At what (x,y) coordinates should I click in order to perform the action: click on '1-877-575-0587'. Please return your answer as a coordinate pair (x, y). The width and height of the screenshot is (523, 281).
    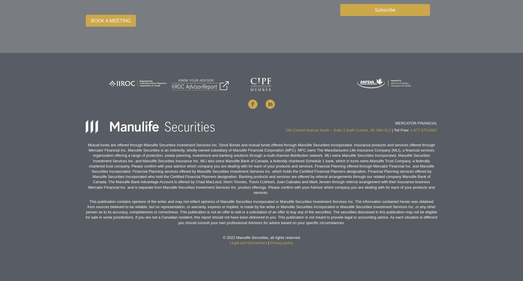
    Looking at the image, I should click on (423, 130).